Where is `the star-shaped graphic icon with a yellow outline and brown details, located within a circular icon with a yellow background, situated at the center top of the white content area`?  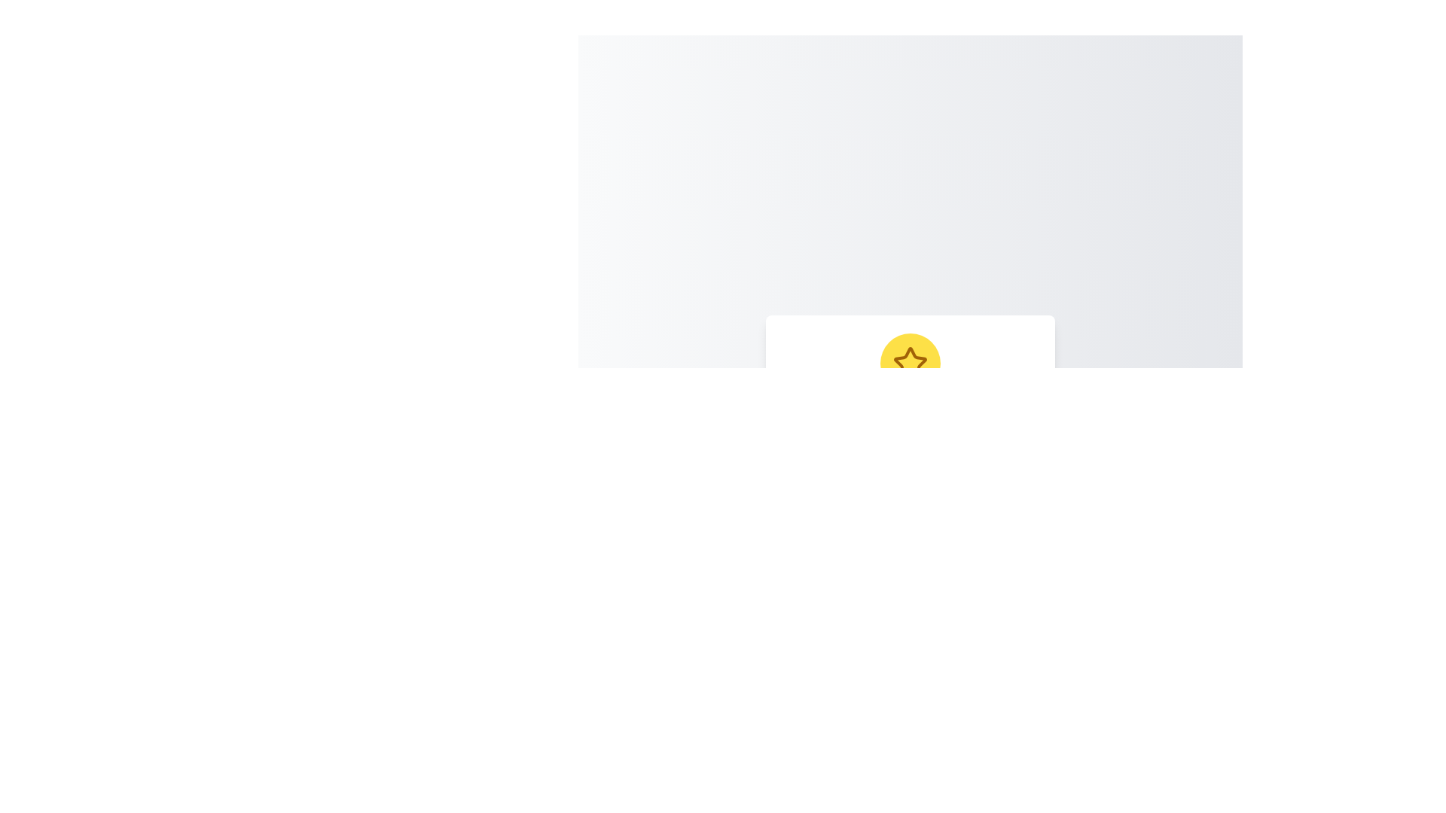 the star-shaped graphic icon with a yellow outline and brown details, located within a circular icon with a yellow background, situated at the center top of the white content area is located at coordinates (910, 363).